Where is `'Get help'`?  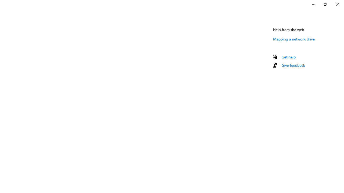
'Get help' is located at coordinates (288, 57).